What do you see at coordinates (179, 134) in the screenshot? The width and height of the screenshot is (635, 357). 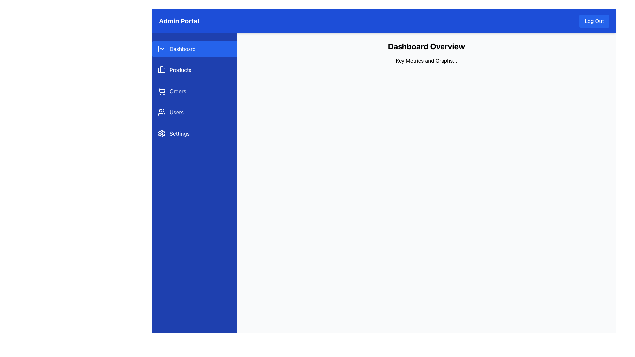 I see `the 'Settings' text label in the vertical navigation bar, which indicates the settings functionality of the application` at bounding box center [179, 134].